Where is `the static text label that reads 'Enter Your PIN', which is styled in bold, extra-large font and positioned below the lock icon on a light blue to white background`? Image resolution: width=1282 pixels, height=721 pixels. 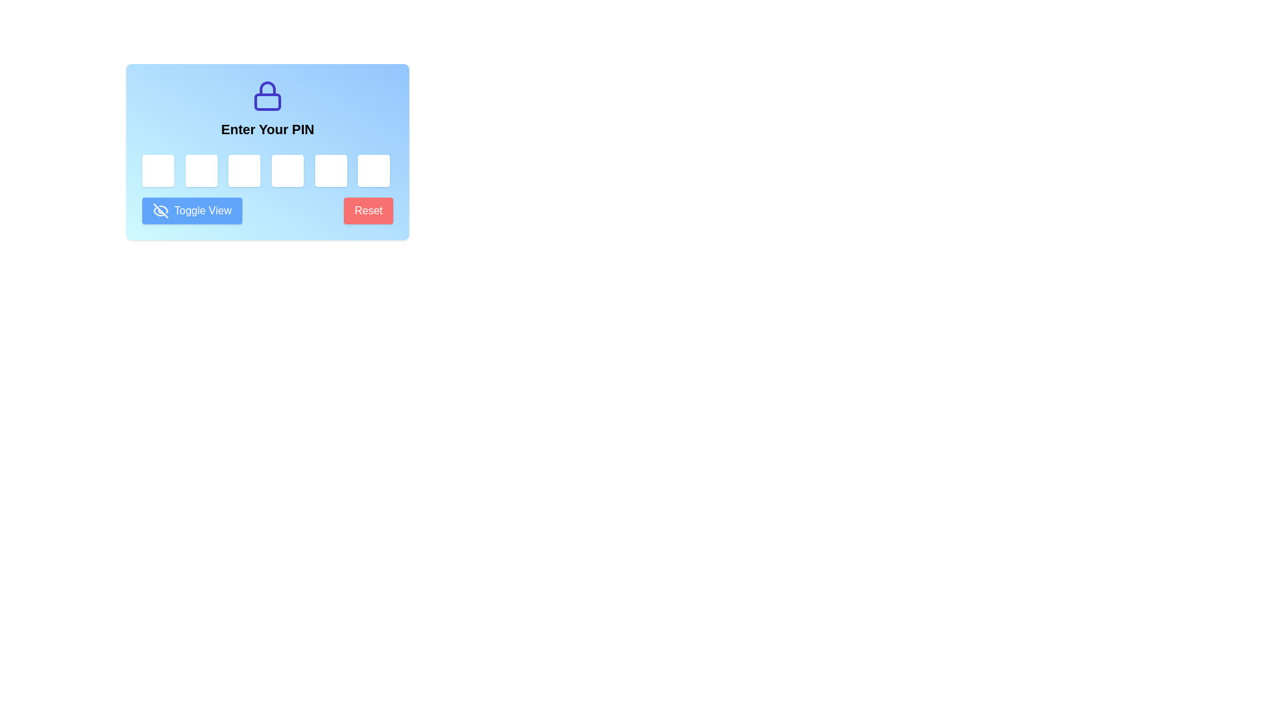
the static text label that reads 'Enter Your PIN', which is styled in bold, extra-large font and positioned below the lock icon on a light blue to white background is located at coordinates (267, 129).